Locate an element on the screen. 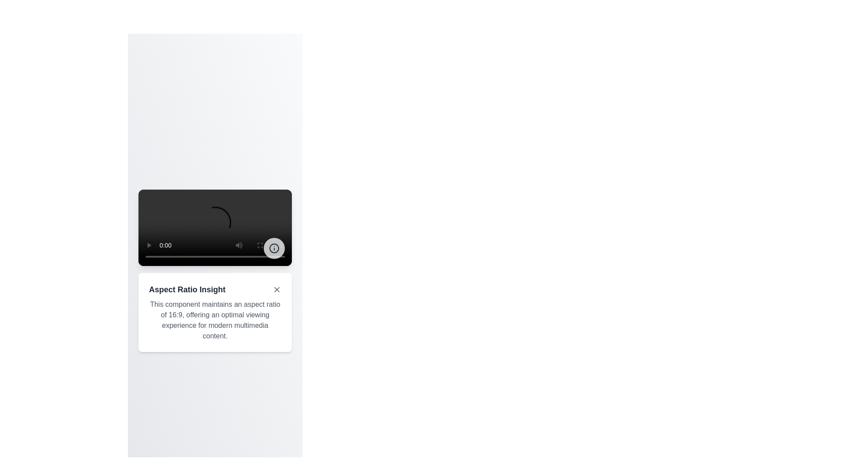 Image resolution: width=844 pixels, height=474 pixels. the close button located at the far right of the header bar containing the text 'Aspect Ratio Insight' is located at coordinates (276, 289).